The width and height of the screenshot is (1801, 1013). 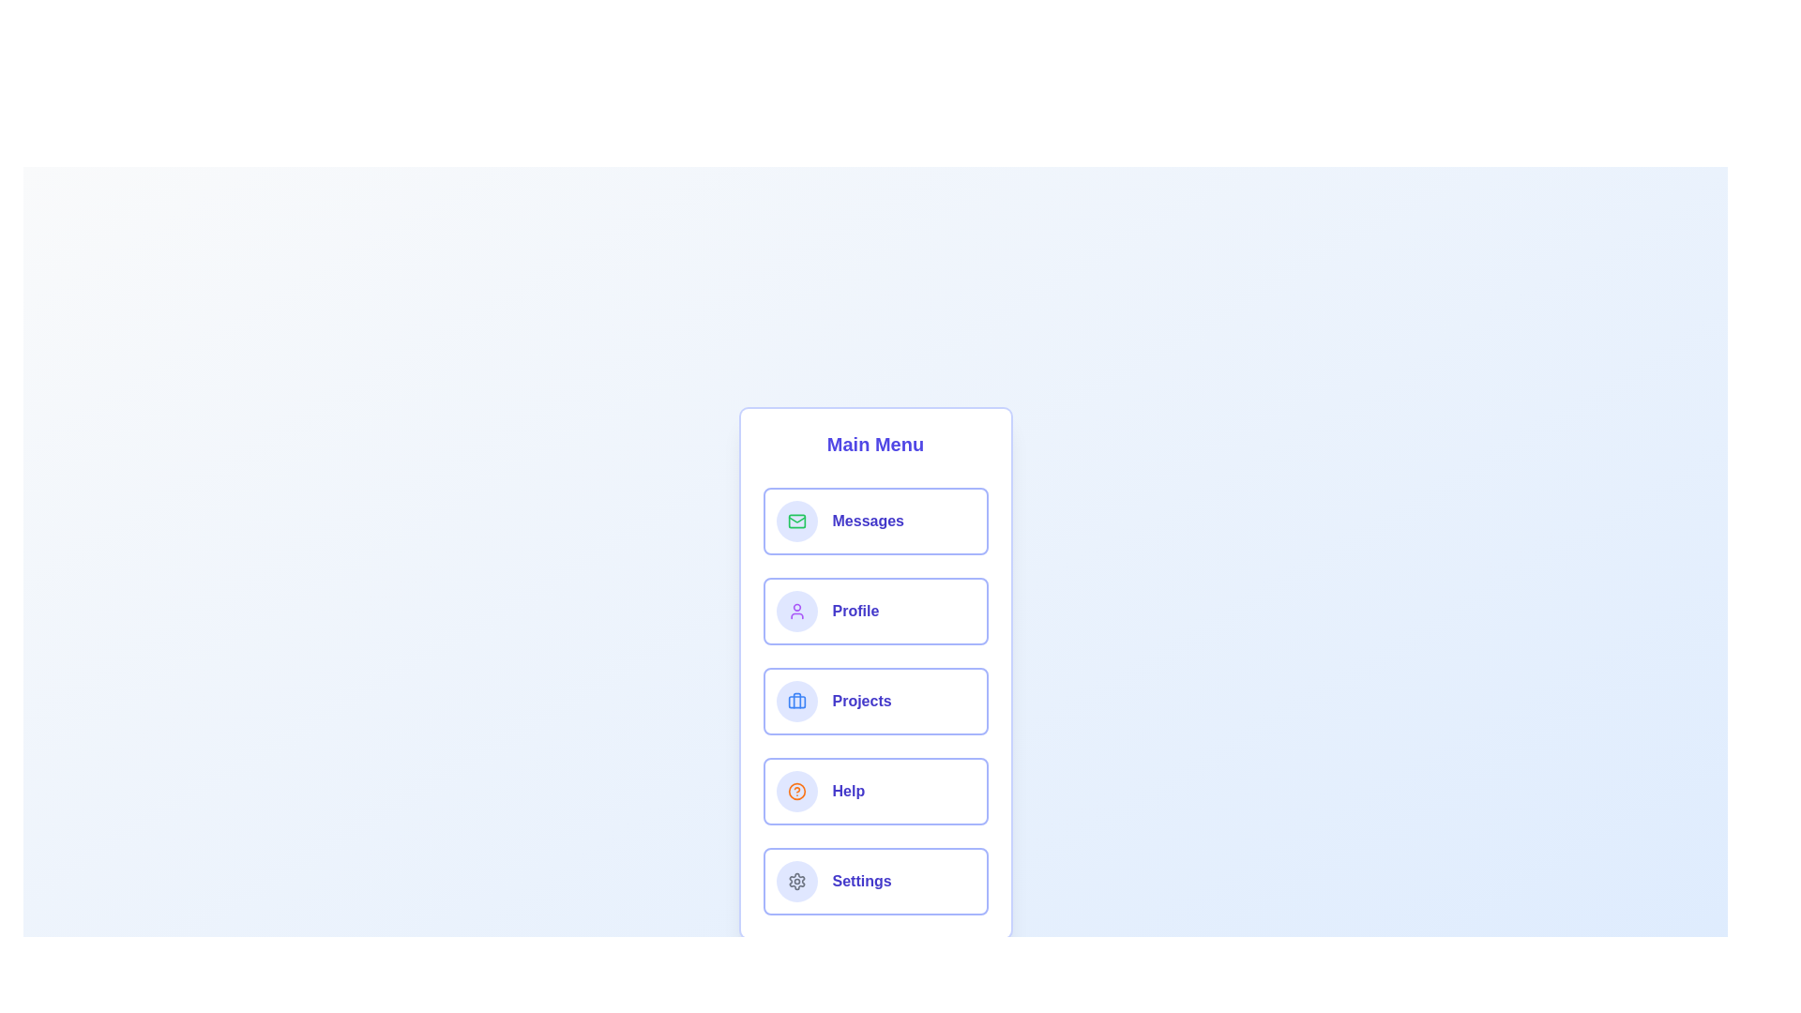 I want to click on the menu item labeled Profile, so click(x=874, y=611).